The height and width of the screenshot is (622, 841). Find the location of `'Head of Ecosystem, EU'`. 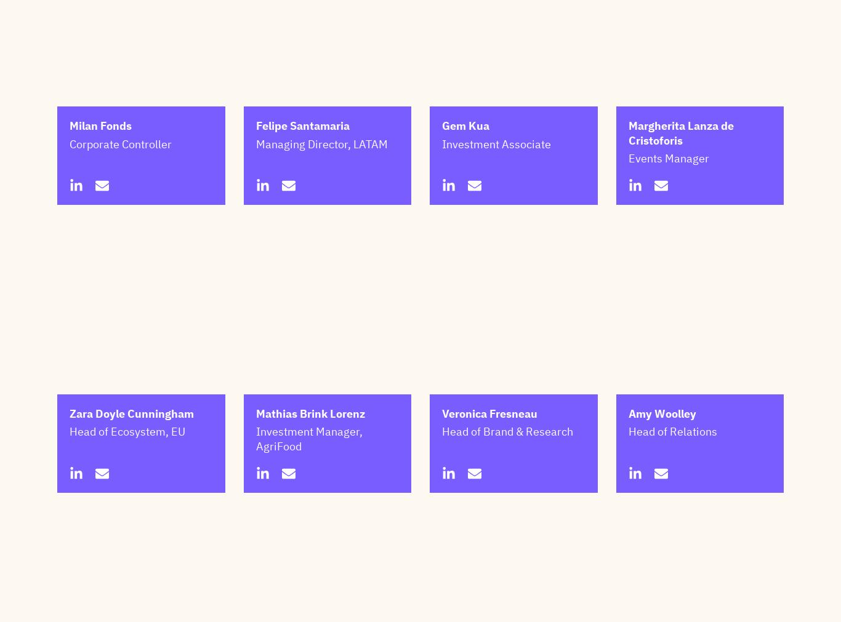

'Head of Ecosystem, EU' is located at coordinates (126, 492).